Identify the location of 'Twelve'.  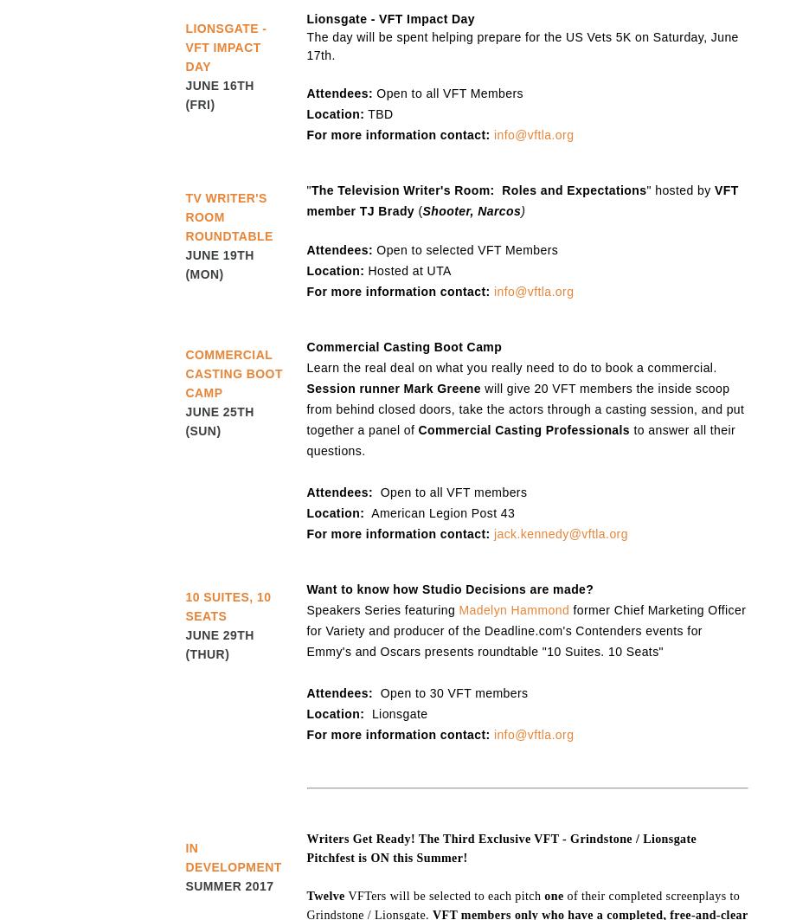
(324, 895).